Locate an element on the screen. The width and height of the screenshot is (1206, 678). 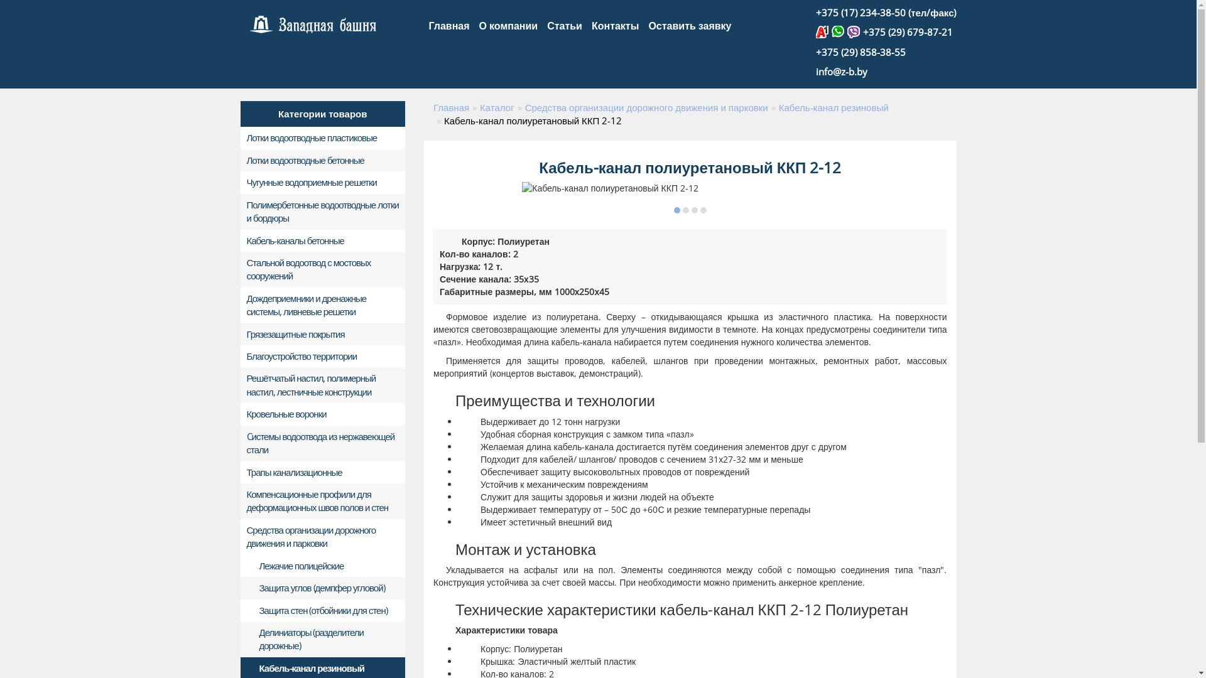
'A1' is located at coordinates (823, 31).